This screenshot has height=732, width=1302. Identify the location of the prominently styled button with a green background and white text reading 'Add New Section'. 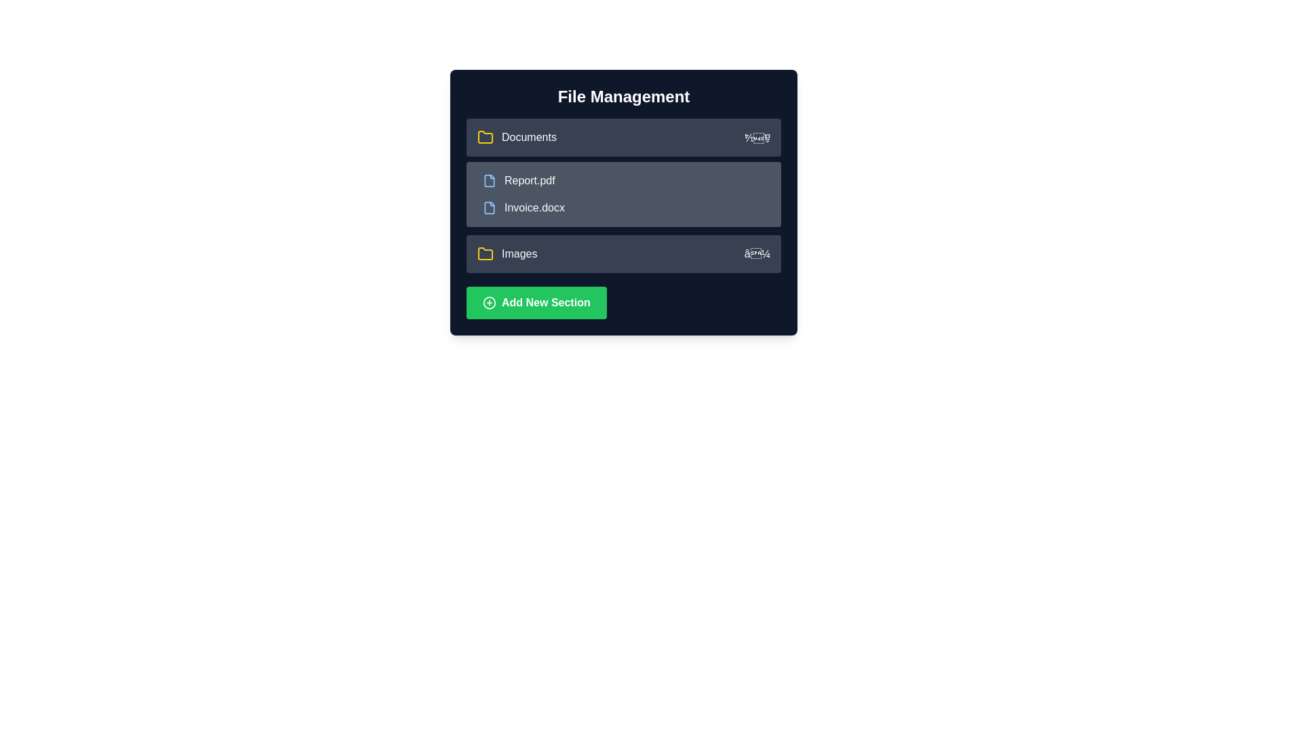
(536, 302).